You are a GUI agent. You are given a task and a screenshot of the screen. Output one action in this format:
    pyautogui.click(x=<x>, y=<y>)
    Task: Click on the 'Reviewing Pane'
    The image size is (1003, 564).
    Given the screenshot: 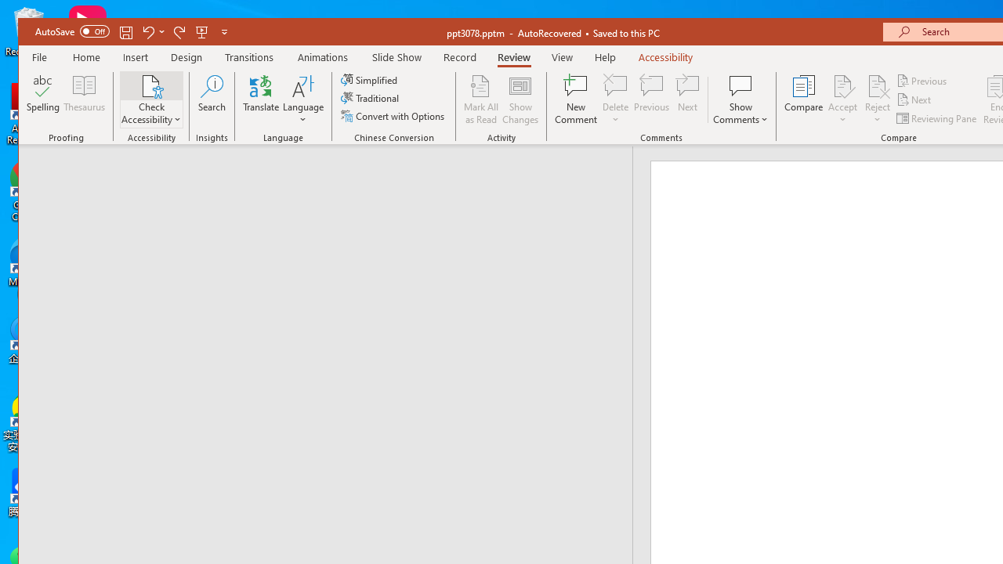 What is the action you would take?
    pyautogui.click(x=937, y=117)
    